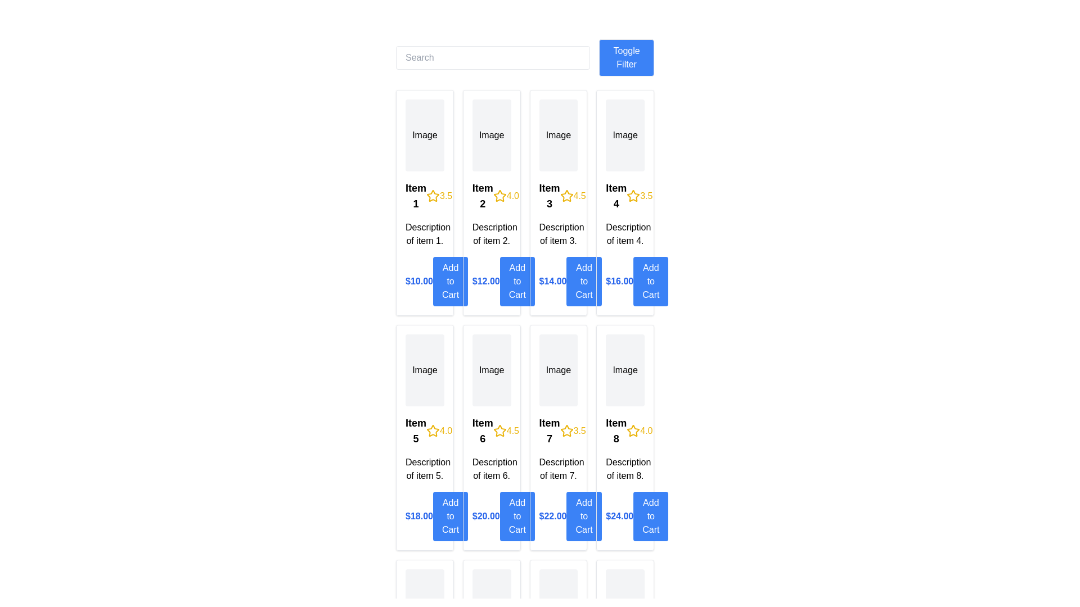 The image size is (1080, 607). I want to click on the Rating display element that consists of a yellow star icon followed by the numerical value '4.5', located on the third column in a grid layout under the 'Item 3' label, so click(573, 195).